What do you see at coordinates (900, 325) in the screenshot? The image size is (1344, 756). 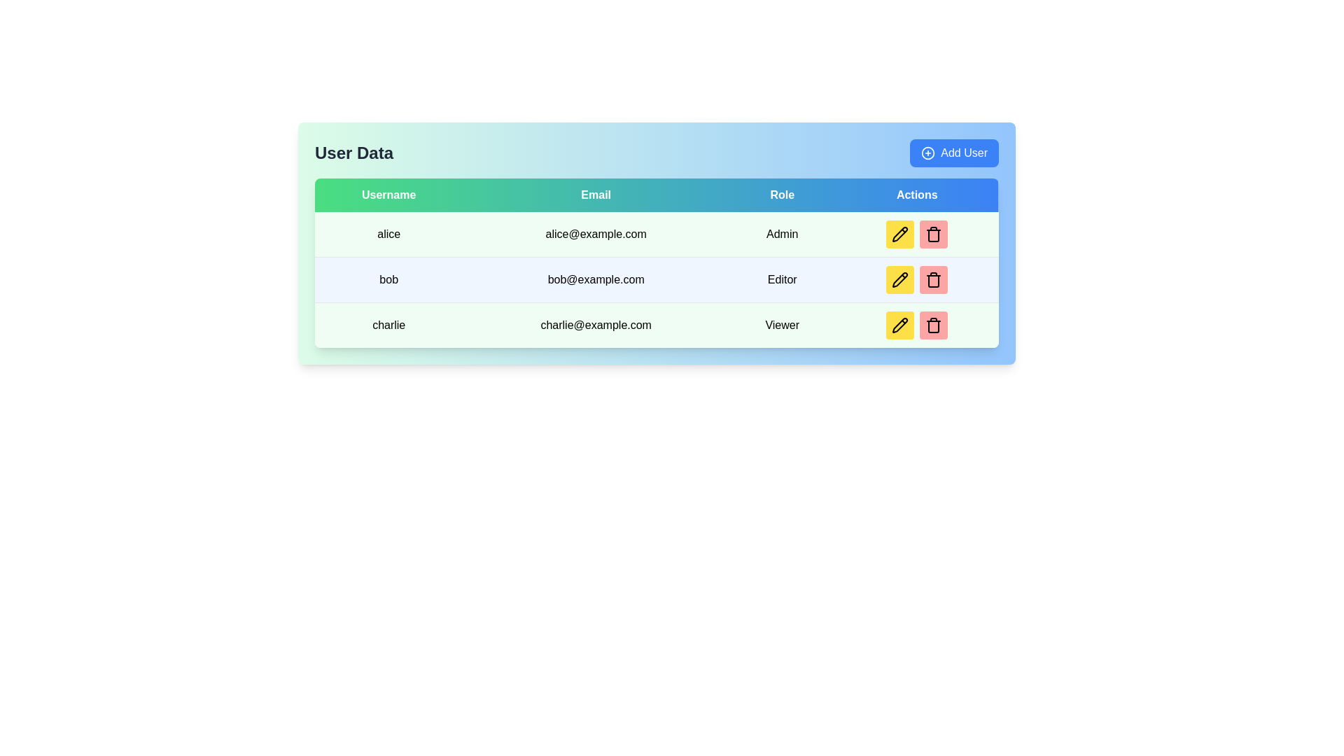 I see `the edit pencil icon in the actions column for the user 'charlie@example.com'` at bounding box center [900, 325].